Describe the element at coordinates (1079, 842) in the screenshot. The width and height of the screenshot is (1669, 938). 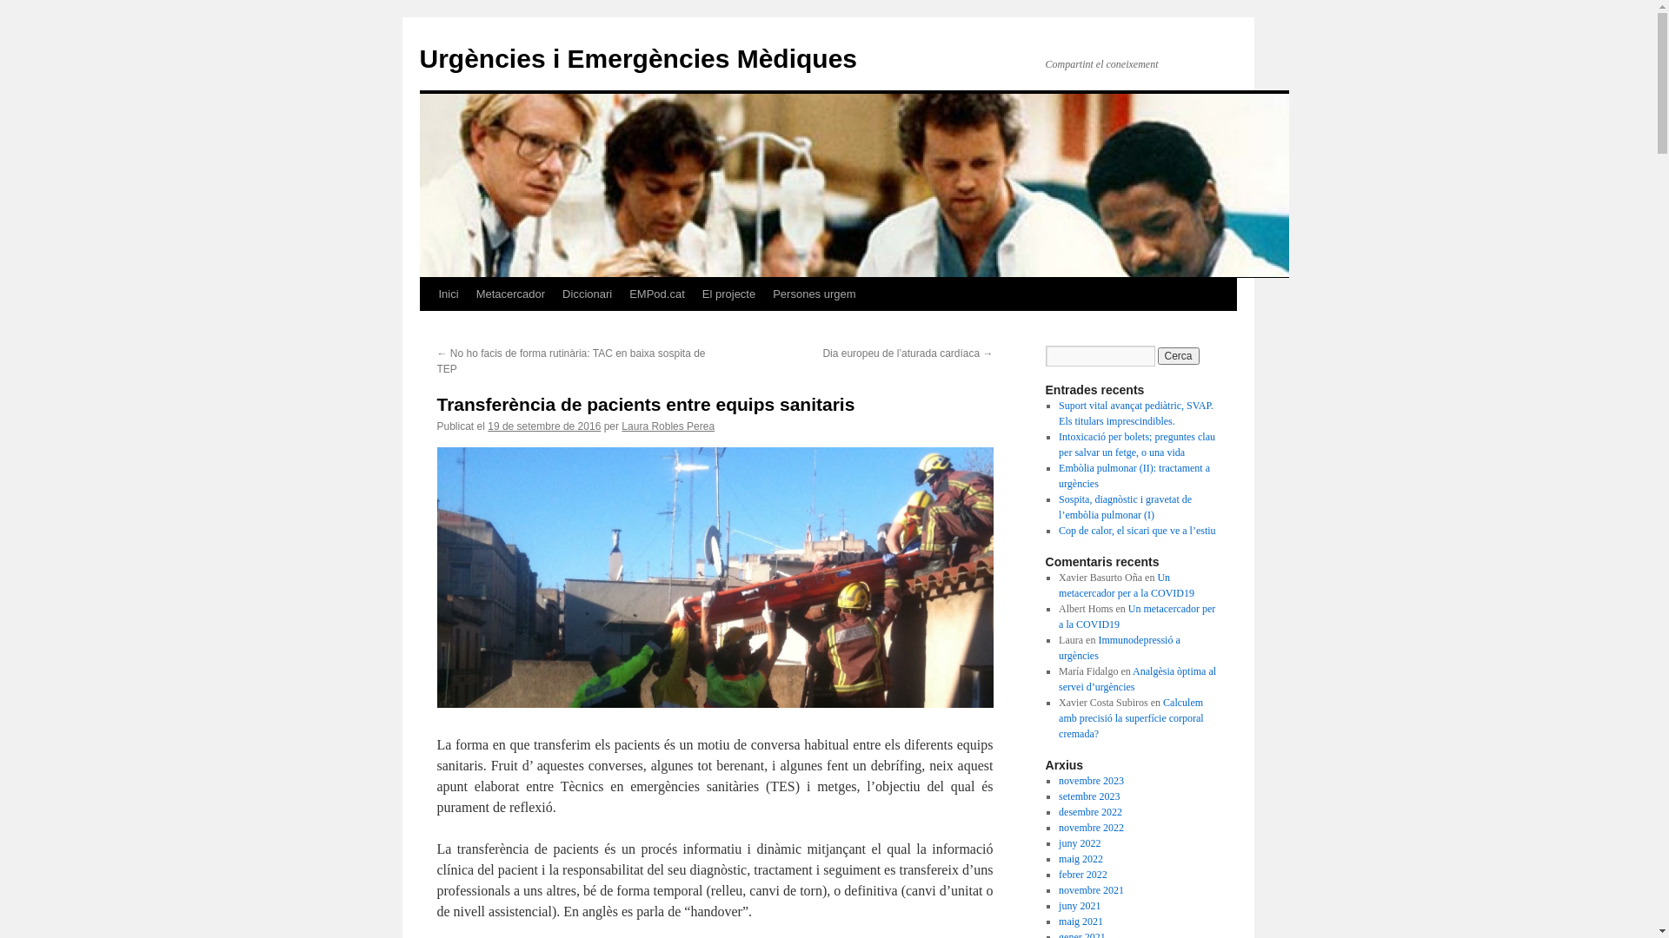
I see `'juny 2022'` at that location.